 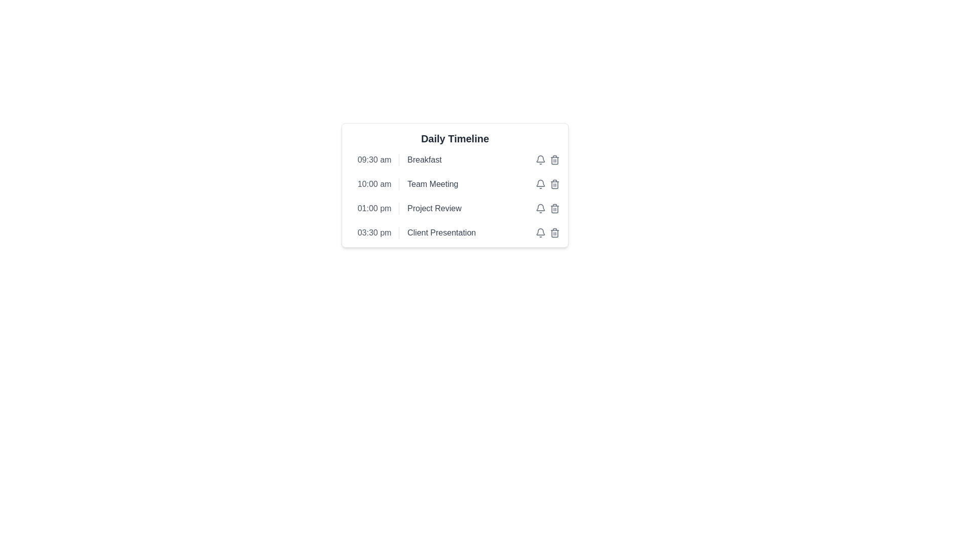 What do you see at coordinates (374, 184) in the screenshot?
I see `the Text Display element that indicates the scheduled time for the Team Meeting, located in the second row of the Daily Timeline list` at bounding box center [374, 184].